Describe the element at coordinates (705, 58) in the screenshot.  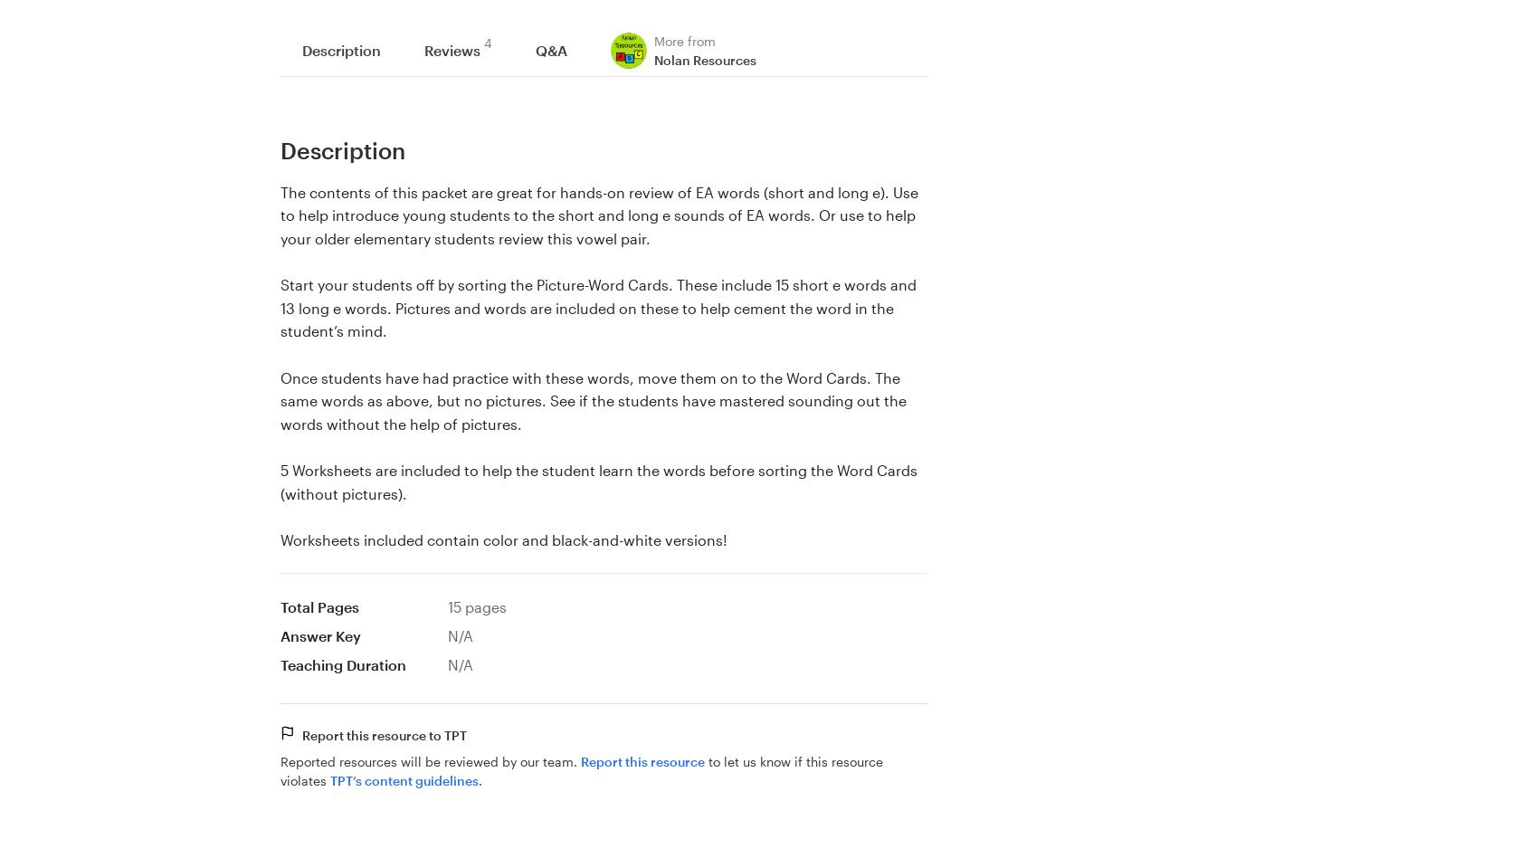
I see `'Nolan Resources'` at that location.